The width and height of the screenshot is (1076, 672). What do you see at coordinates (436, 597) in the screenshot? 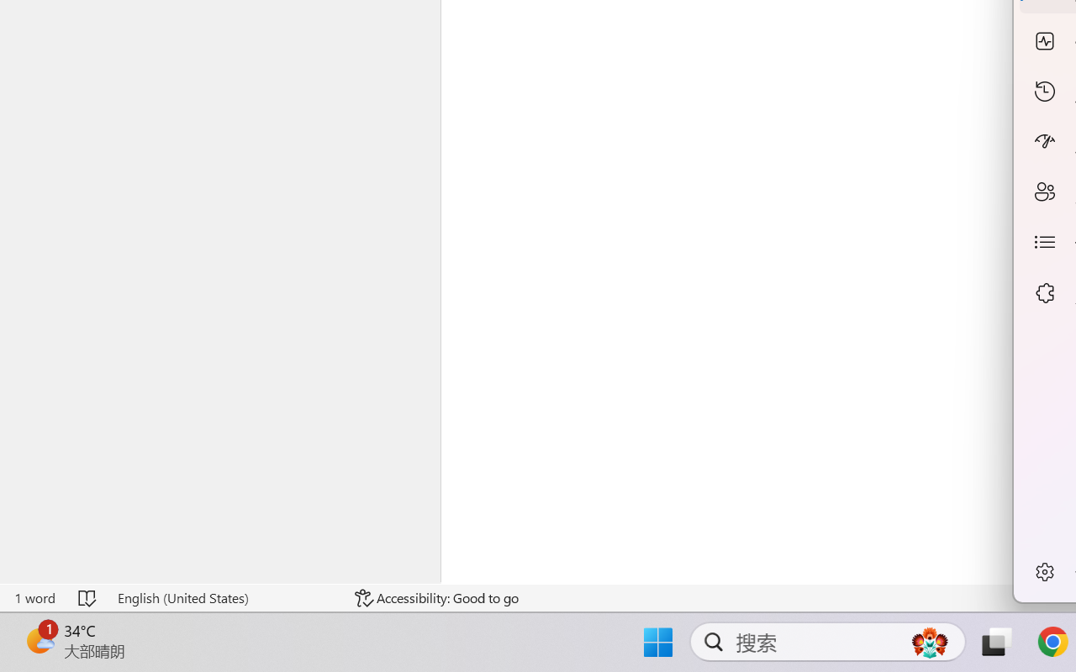
I see `'Accessibility Checker Accessibility: Good to go'` at bounding box center [436, 597].